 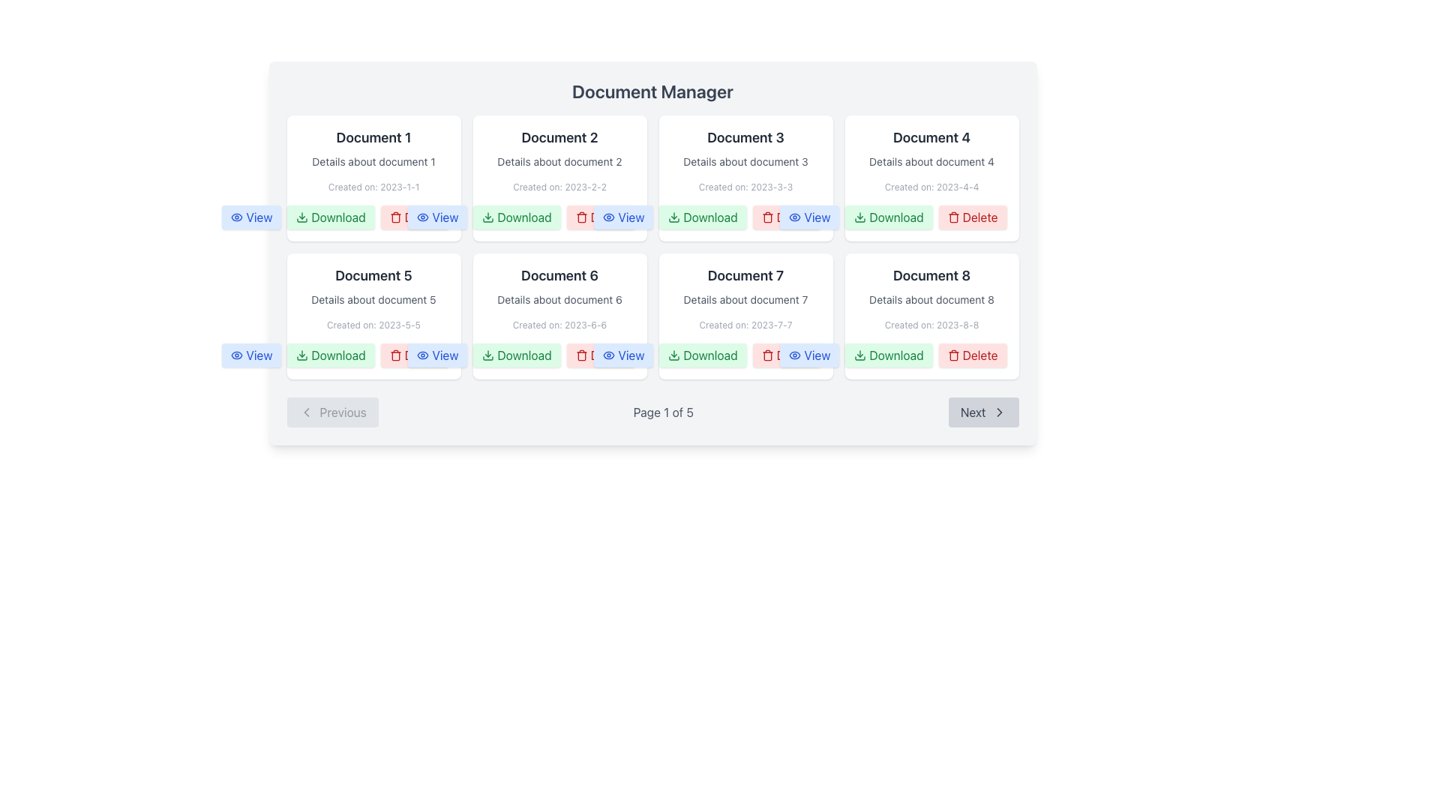 I want to click on the 'View' button in the sixth card (Document 6) on the second row of the grid, so click(x=623, y=355).